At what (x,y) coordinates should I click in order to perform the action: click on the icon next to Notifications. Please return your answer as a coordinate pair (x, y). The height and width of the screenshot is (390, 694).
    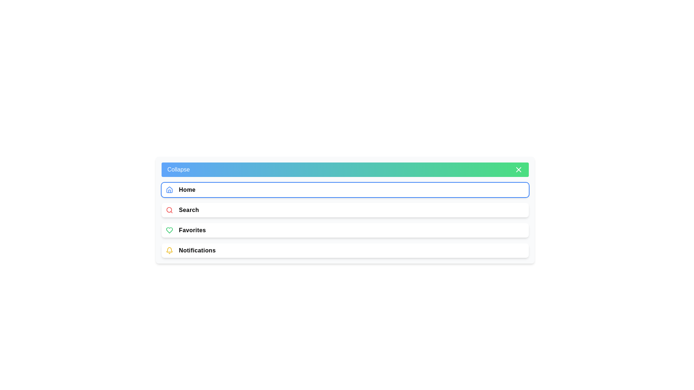
    Looking at the image, I should click on (169, 250).